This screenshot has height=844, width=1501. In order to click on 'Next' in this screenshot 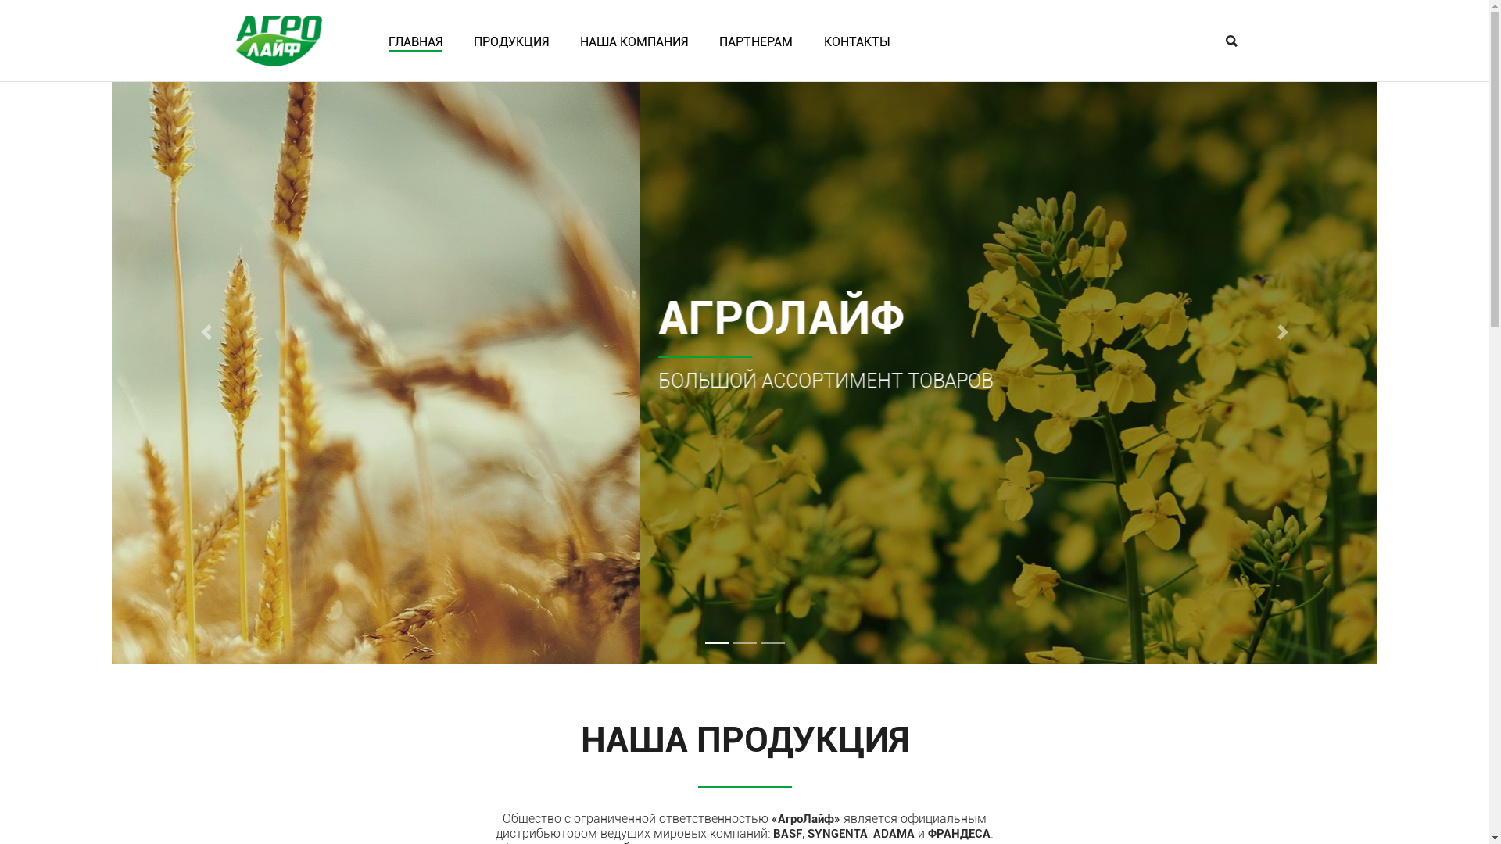, I will do `click(1282, 331)`.